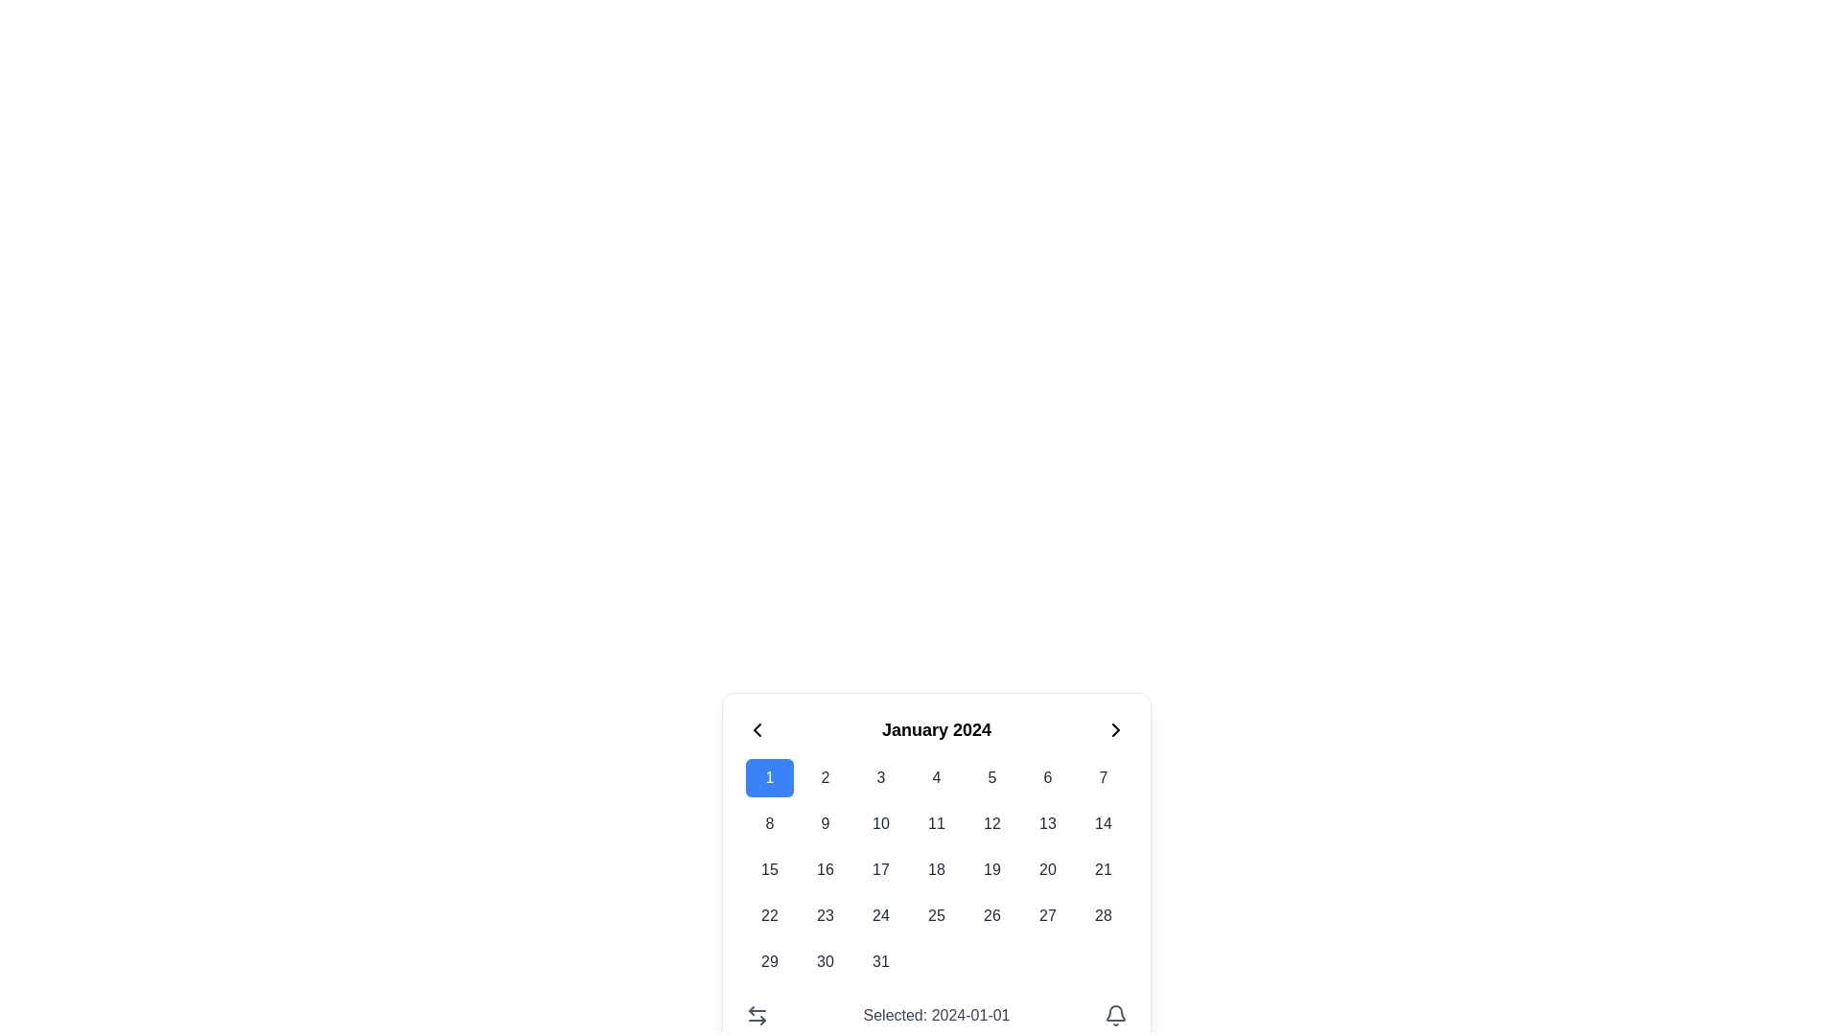 Image resolution: width=1841 pixels, height=1035 pixels. What do you see at coordinates (879, 915) in the screenshot?
I see `the calendar day cell representing the 24th day of the current month` at bounding box center [879, 915].